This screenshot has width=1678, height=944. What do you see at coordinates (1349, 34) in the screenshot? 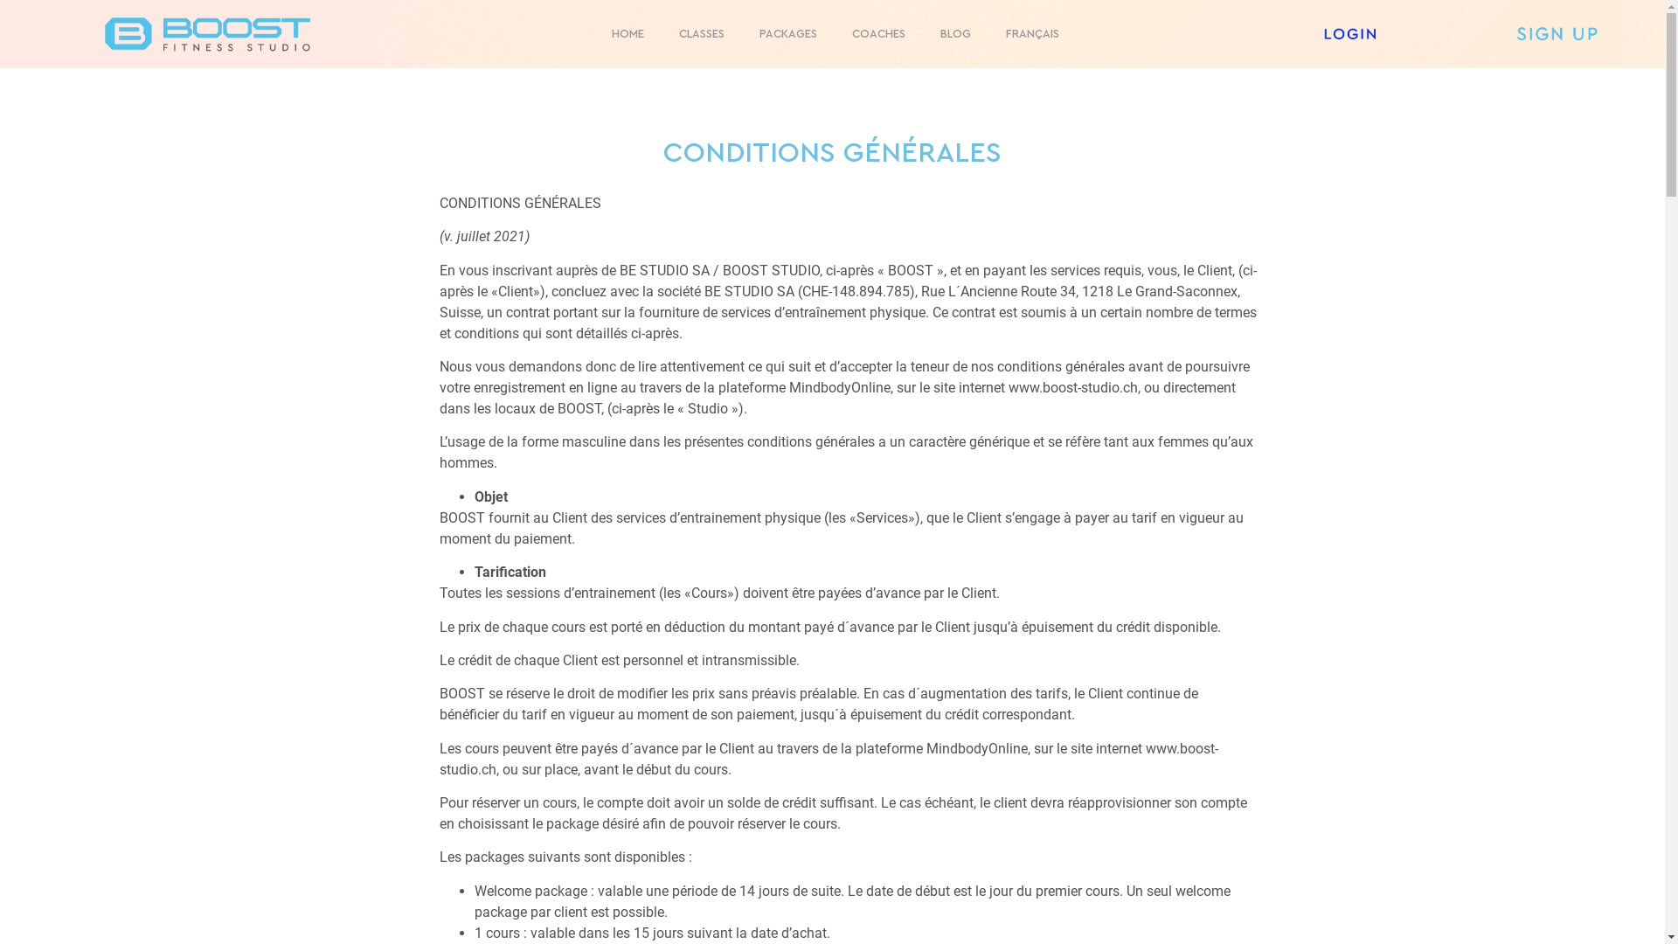
I see `'BOOST LOGIN'` at bounding box center [1349, 34].